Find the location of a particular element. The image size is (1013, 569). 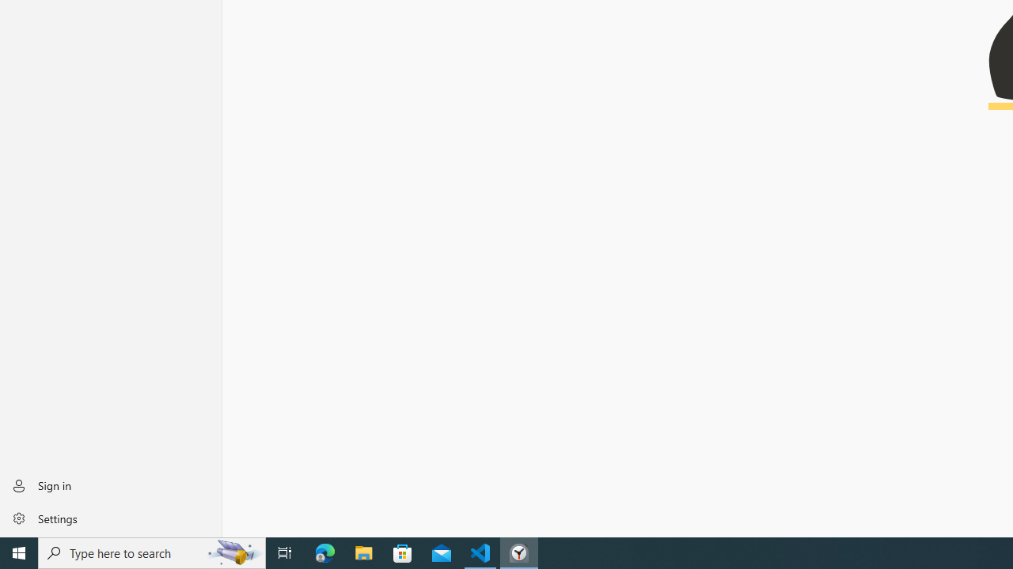

'Search highlights icon opens search home window' is located at coordinates (233, 552).